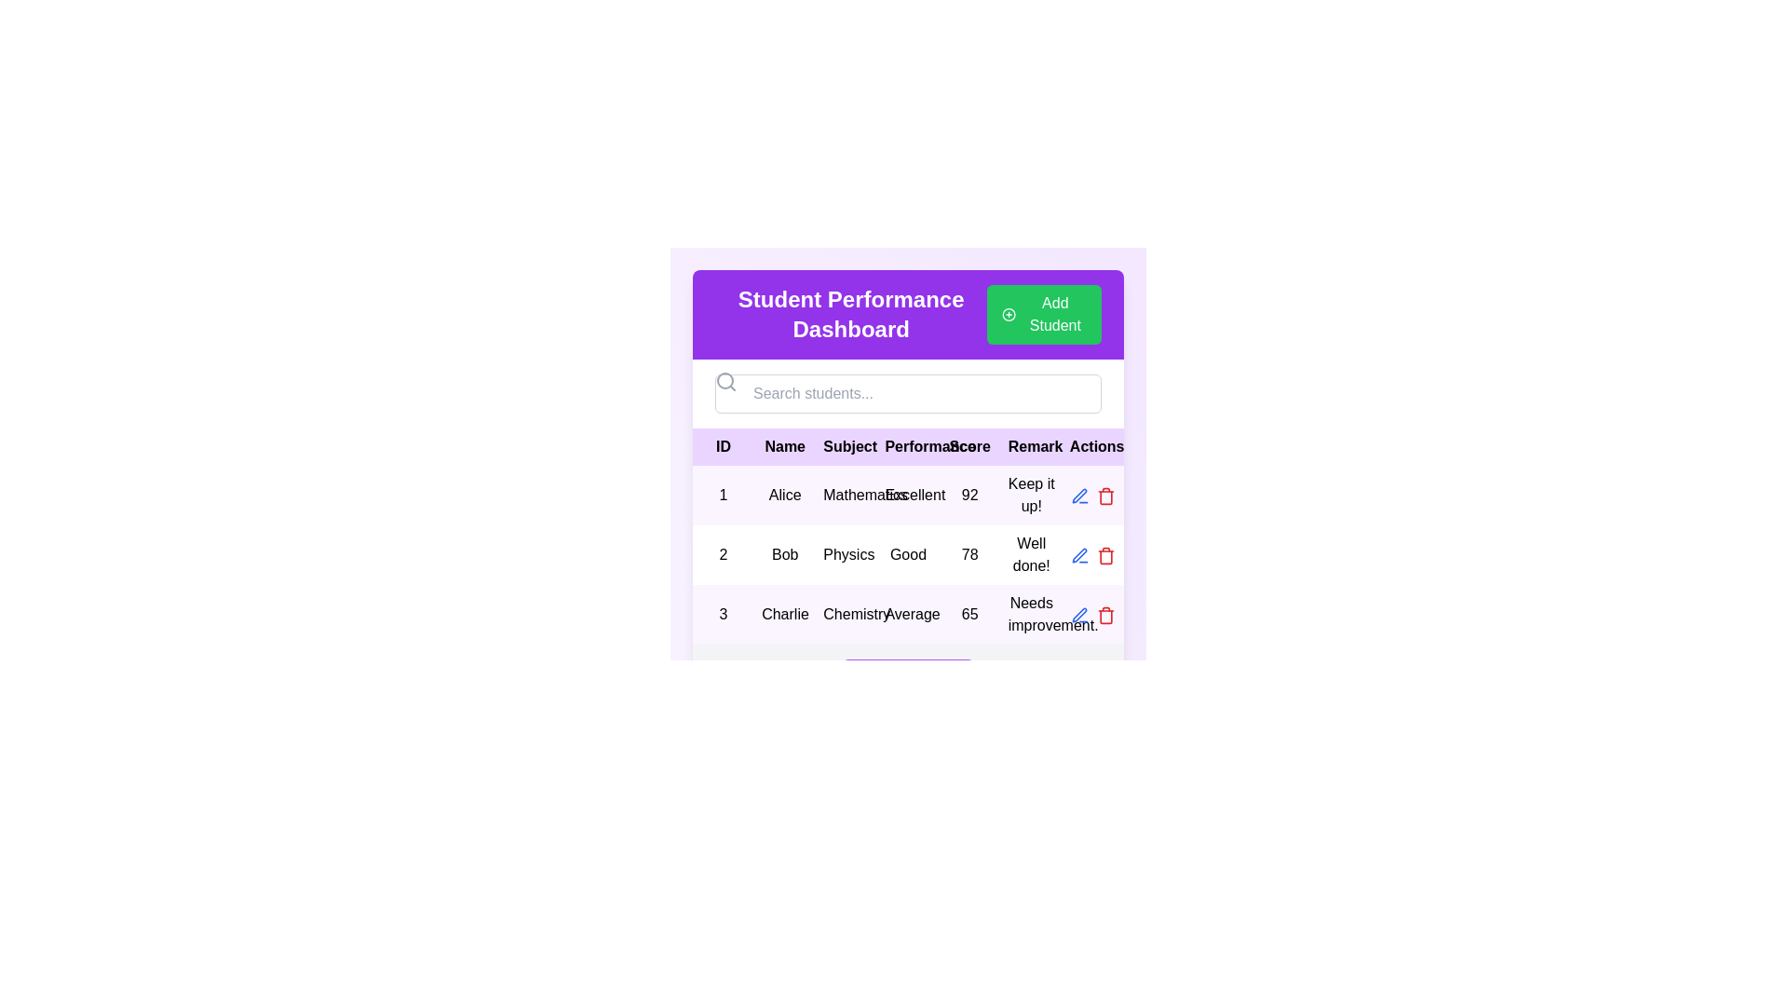  What do you see at coordinates (846, 495) in the screenshot?
I see `the static text label indicating the subject name 'Mathematics' in the third column of the first row of the table` at bounding box center [846, 495].